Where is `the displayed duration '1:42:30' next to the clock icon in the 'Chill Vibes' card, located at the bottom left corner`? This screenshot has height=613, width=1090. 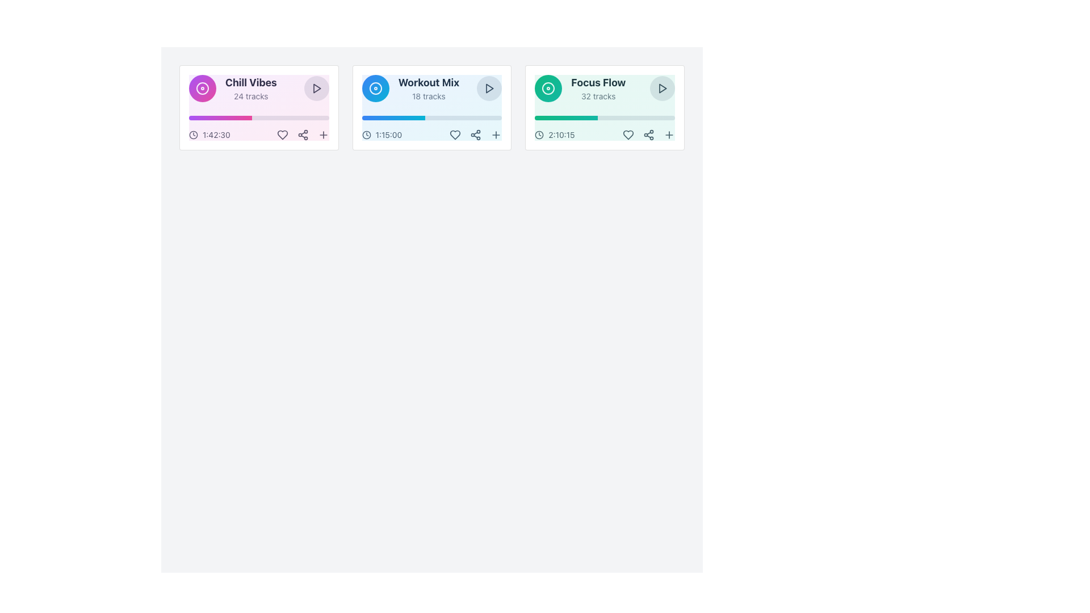
the displayed duration '1:42:30' next to the clock icon in the 'Chill Vibes' card, located at the bottom left corner is located at coordinates (209, 135).